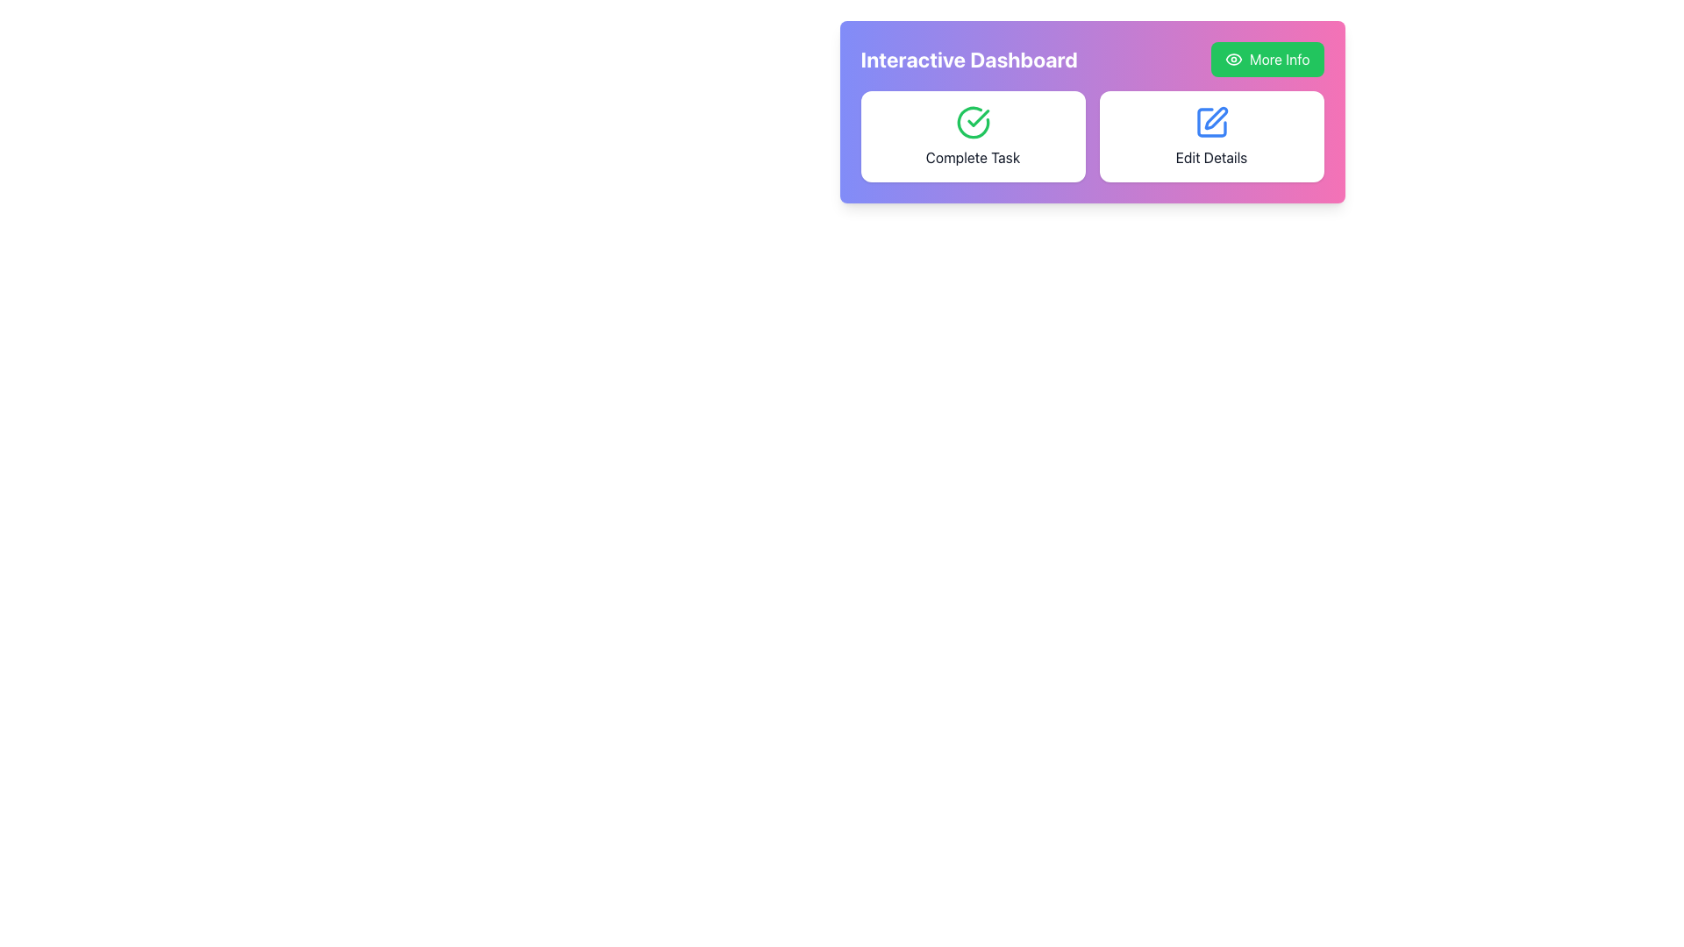 The image size is (1684, 947). I want to click on the outlined square icon styled in blue that is part of the 'Edit Details' button on the right-hand side of the user interface, so click(1210, 121).